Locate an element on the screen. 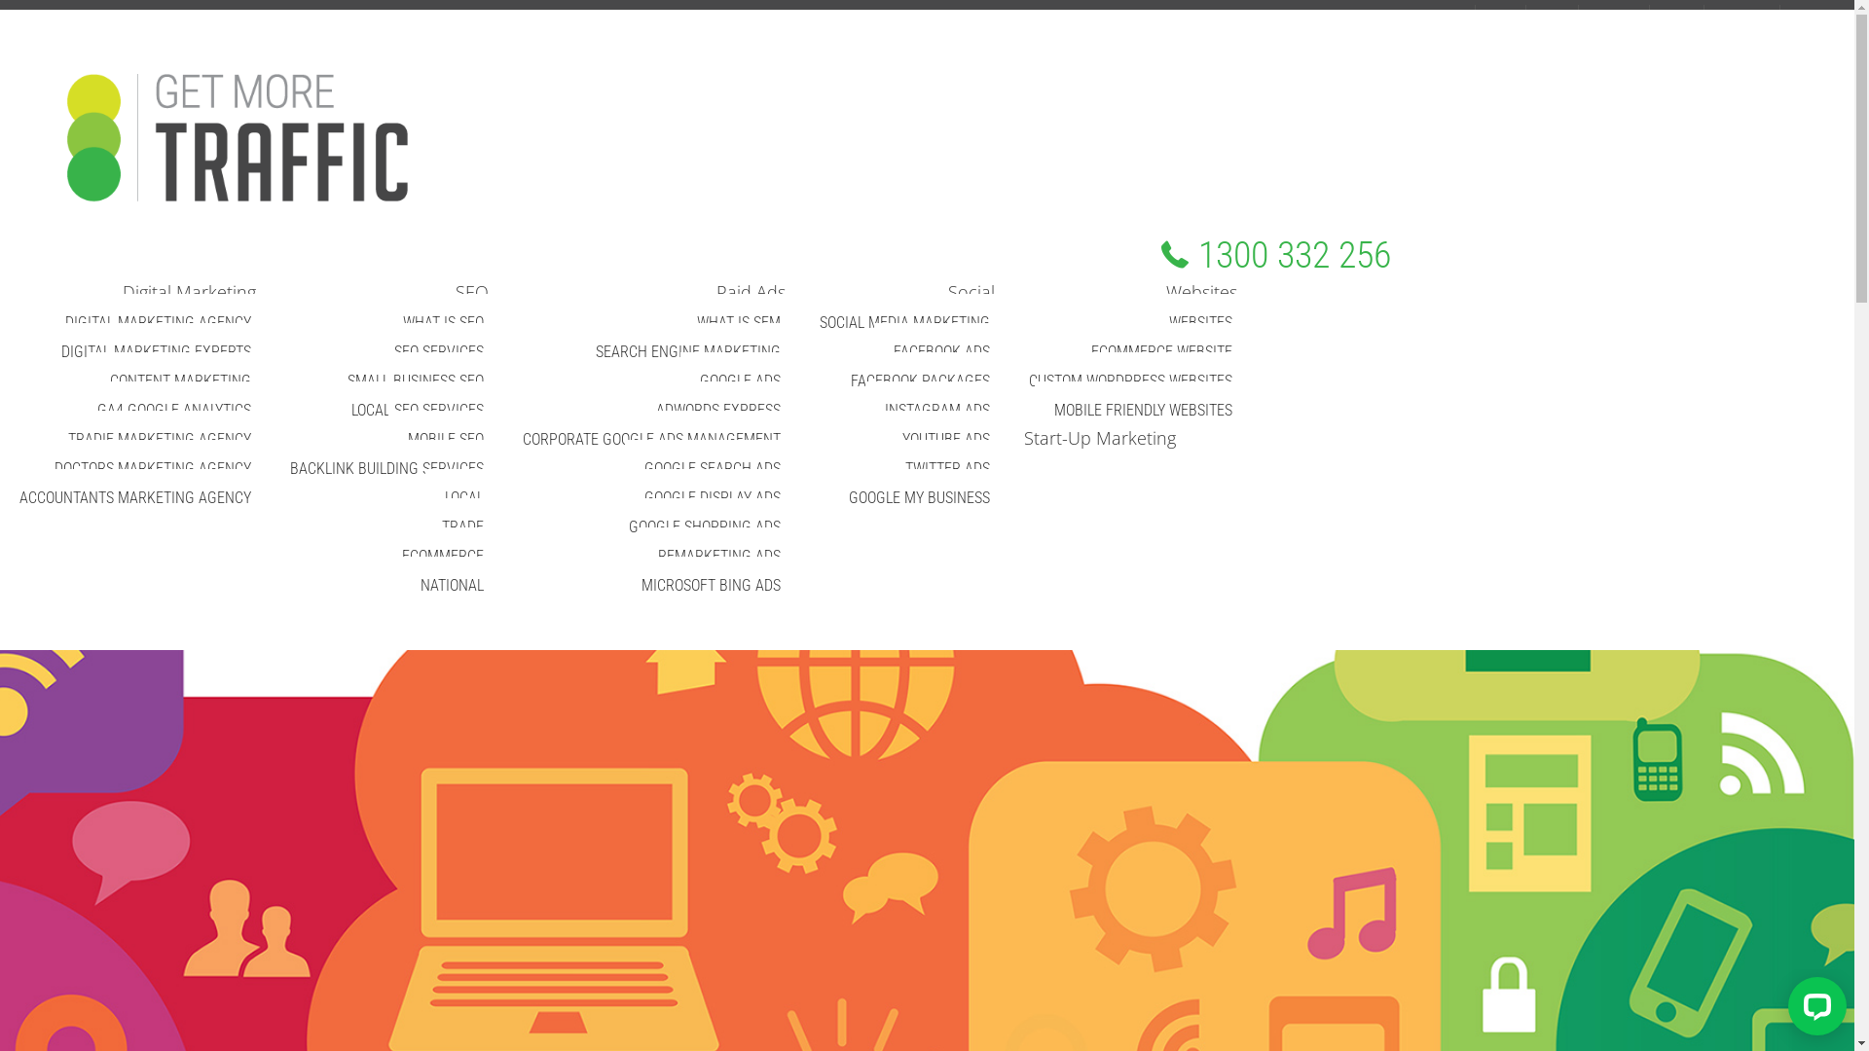 The height and width of the screenshot is (1051, 1869). 'TRADIE MARKETING AGENCY' is located at coordinates (48, 439).